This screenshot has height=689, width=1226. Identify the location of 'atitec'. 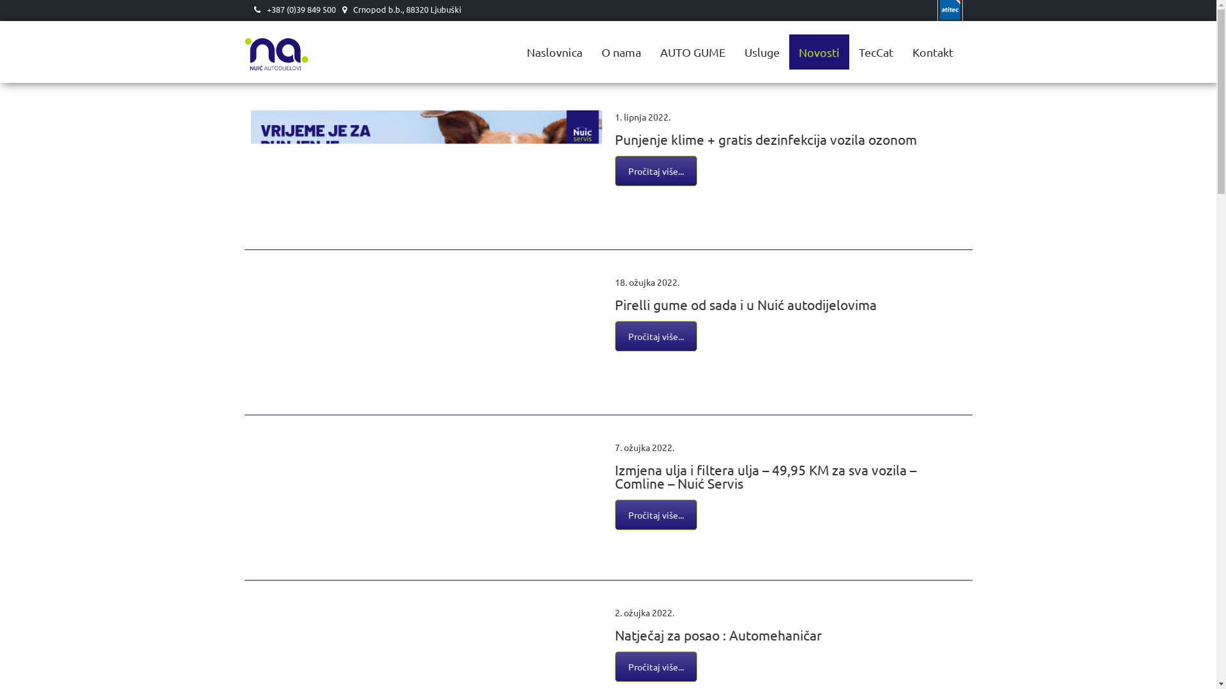
(937, 10).